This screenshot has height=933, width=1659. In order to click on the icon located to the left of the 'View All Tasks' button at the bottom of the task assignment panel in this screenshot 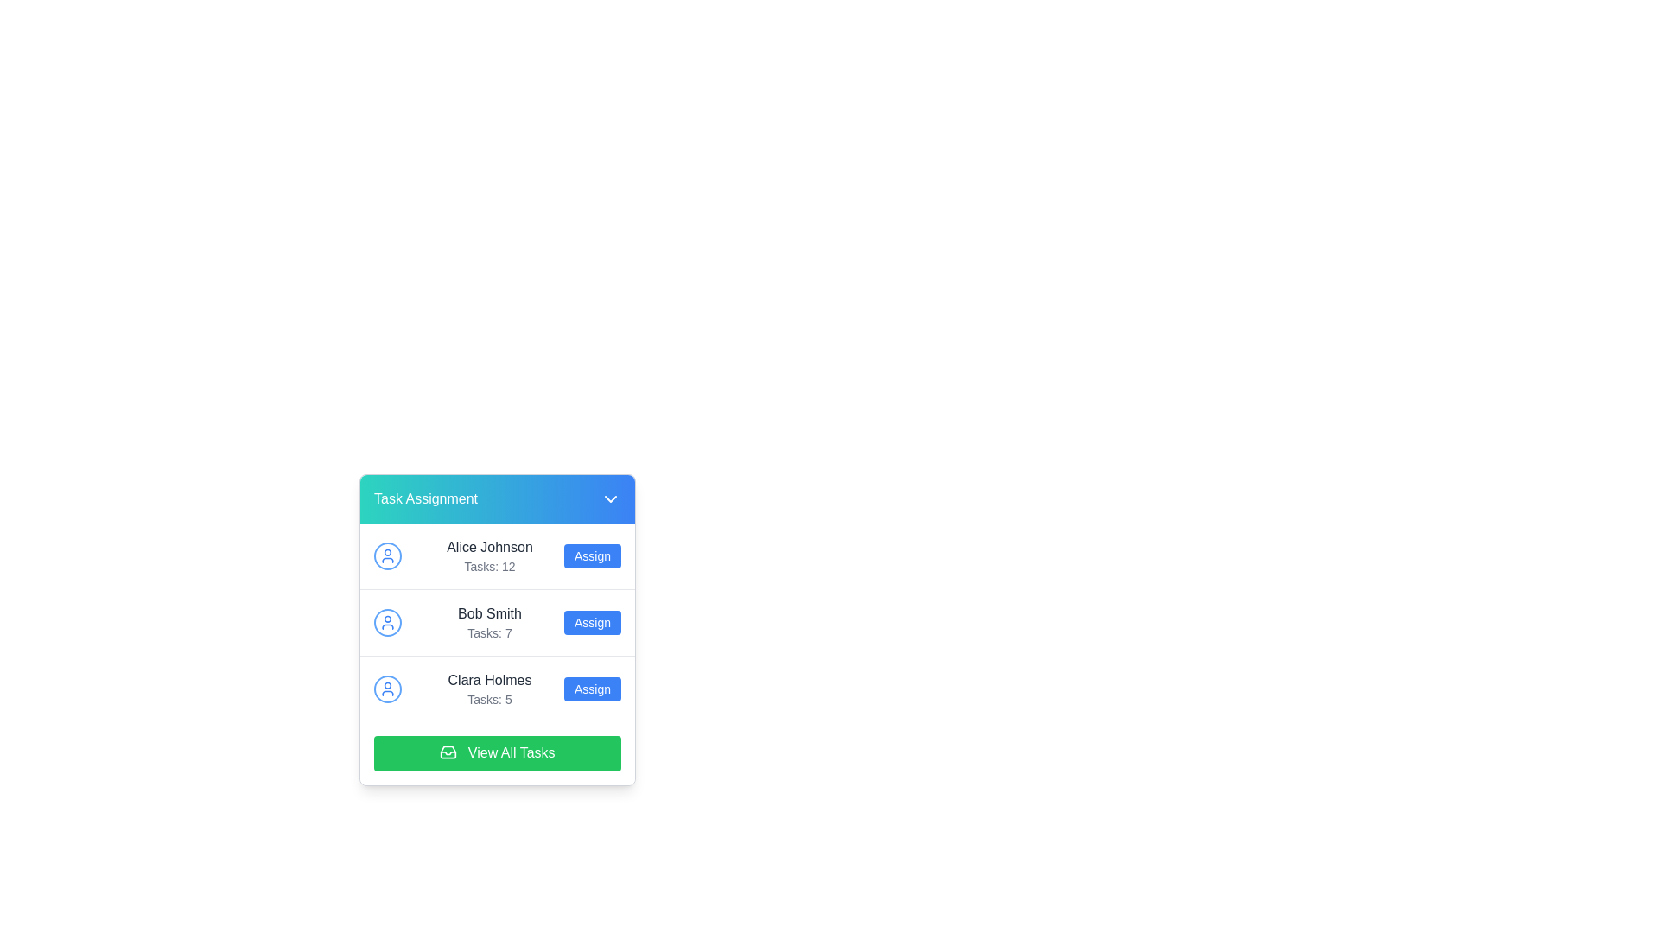, I will do `click(448, 751)`.